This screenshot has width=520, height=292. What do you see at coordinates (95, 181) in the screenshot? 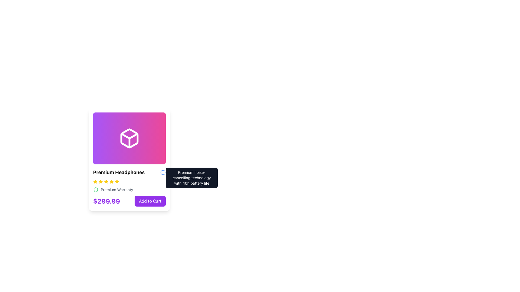
I see `the first star icon from the left in the rating system, which is located above the text 'Premium Warranty', to interact with the rating system` at bounding box center [95, 181].